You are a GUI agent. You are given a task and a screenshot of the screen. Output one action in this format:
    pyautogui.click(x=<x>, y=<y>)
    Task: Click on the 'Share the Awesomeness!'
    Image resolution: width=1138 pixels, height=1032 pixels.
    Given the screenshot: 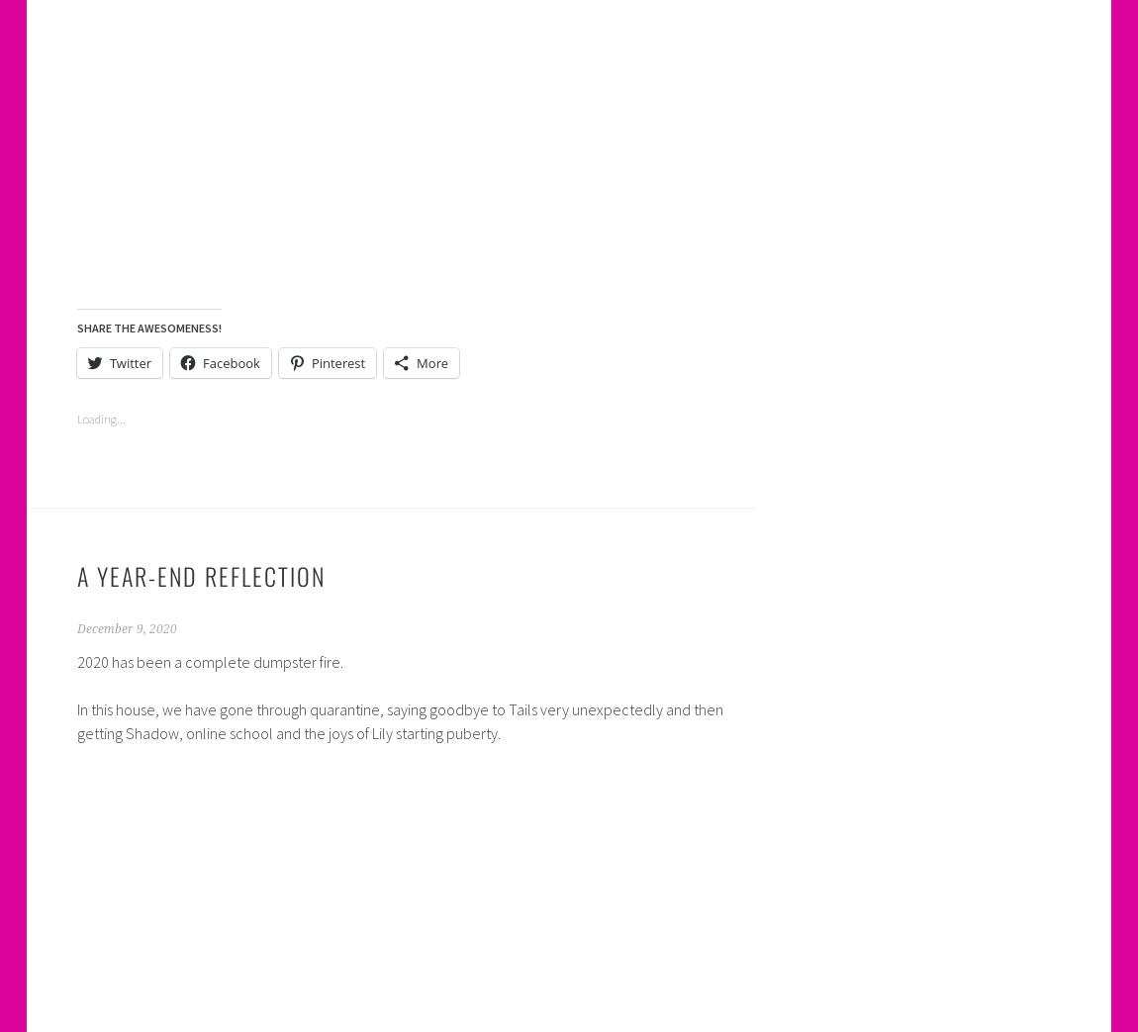 What is the action you would take?
    pyautogui.click(x=146, y=327)
    